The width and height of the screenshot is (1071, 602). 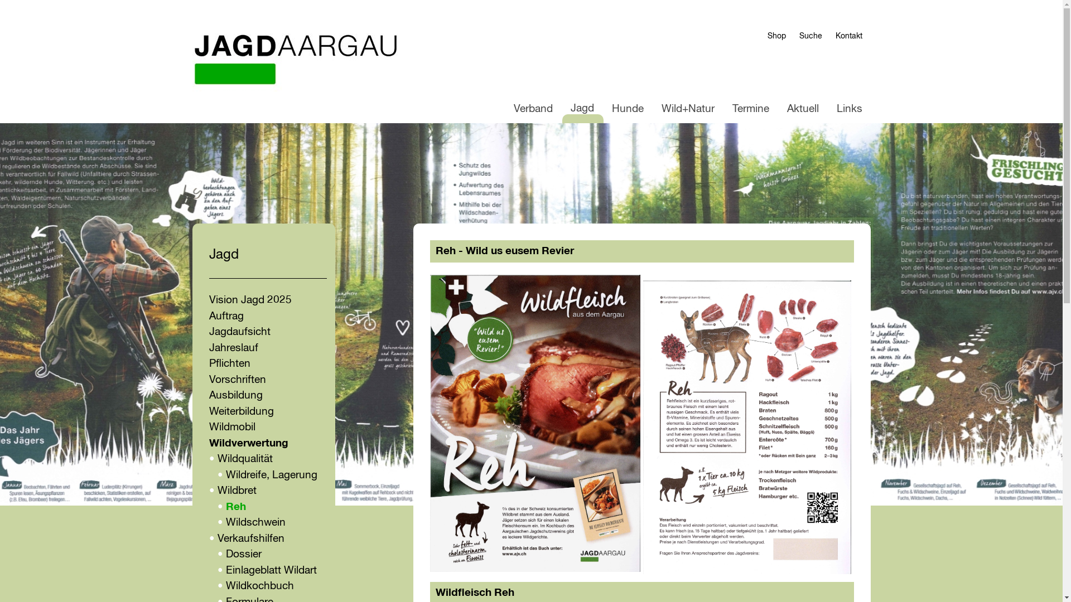 I want to click on 'Dossier', so click(x=224, y=554).